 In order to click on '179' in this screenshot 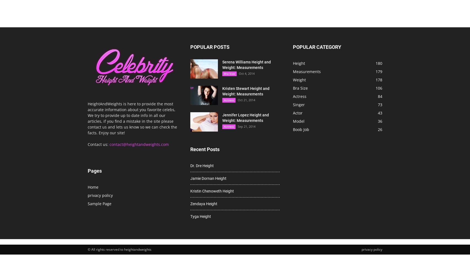, I will do `click(376, 71)`.